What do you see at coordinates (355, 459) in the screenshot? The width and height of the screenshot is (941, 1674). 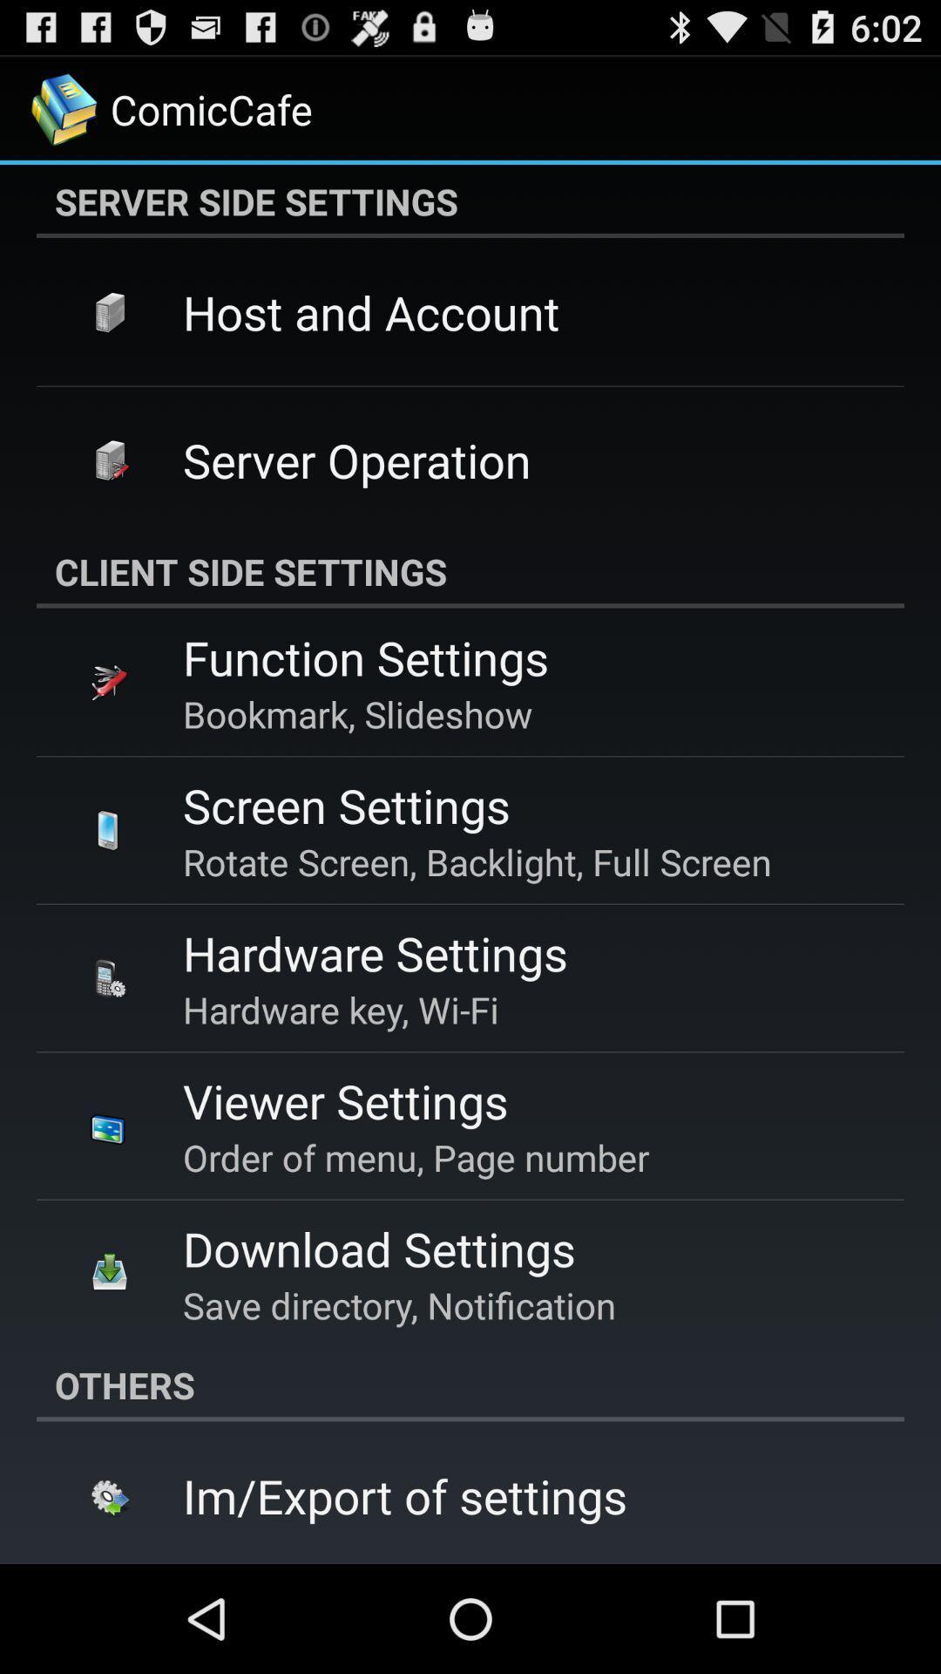 I see `the app below the host and account item` at bounding box center [355, 459].